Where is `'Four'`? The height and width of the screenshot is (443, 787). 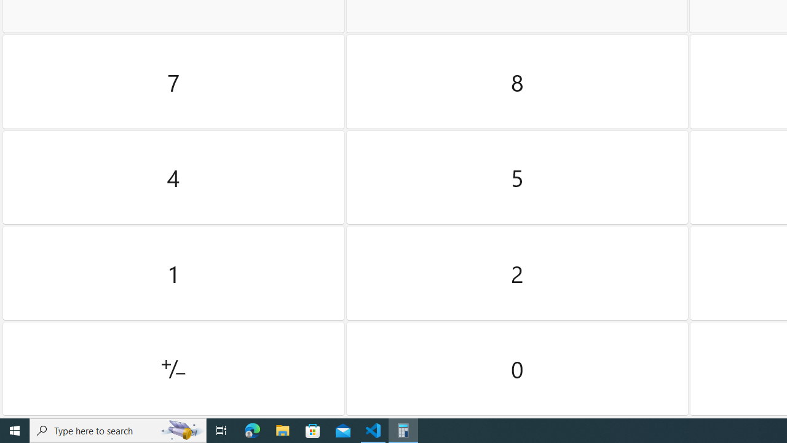 'Four' is located at coordinates (173, 177).